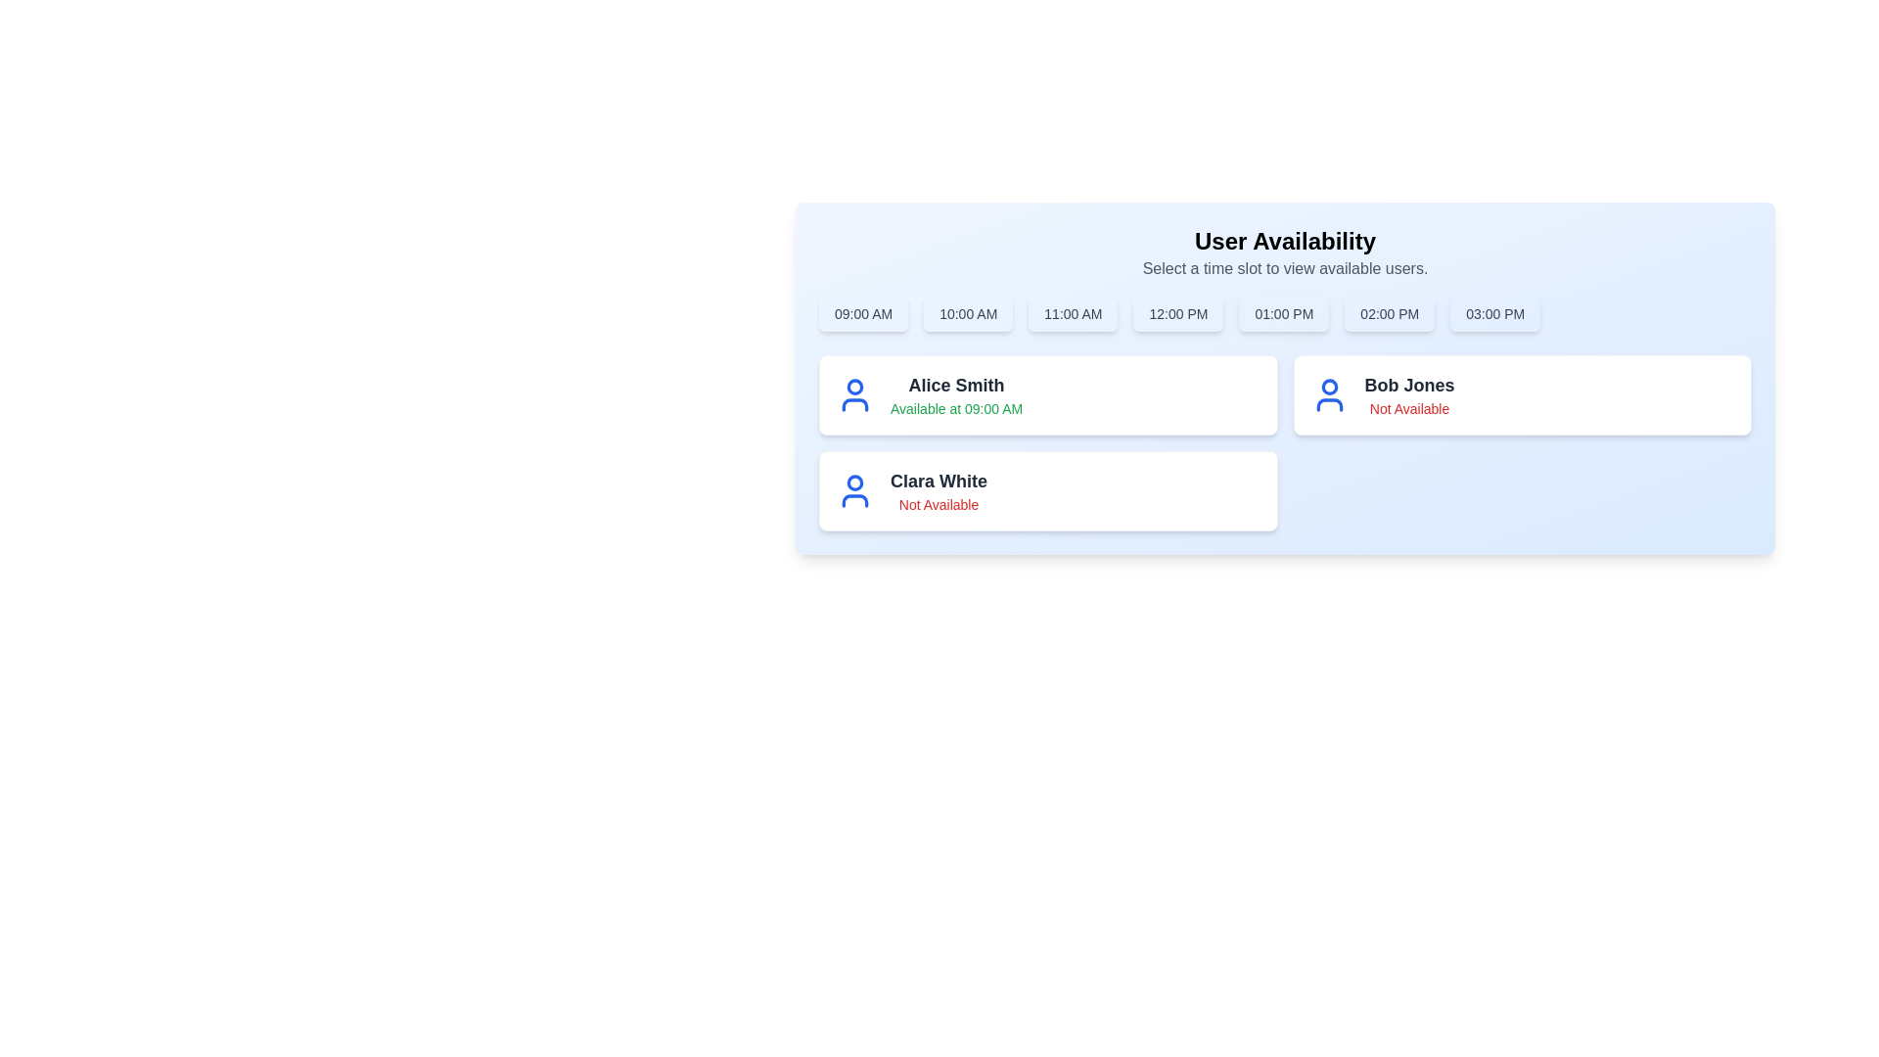 Image resolution: width=1879 pixels, height=1057 pixels. Describe the element at coordinates (956, 407) in the screenshot. I see `the static text label that indicates the availability time of 'Alice Smith' at 09:00 AM, located under her name in the user availability list` at that location.